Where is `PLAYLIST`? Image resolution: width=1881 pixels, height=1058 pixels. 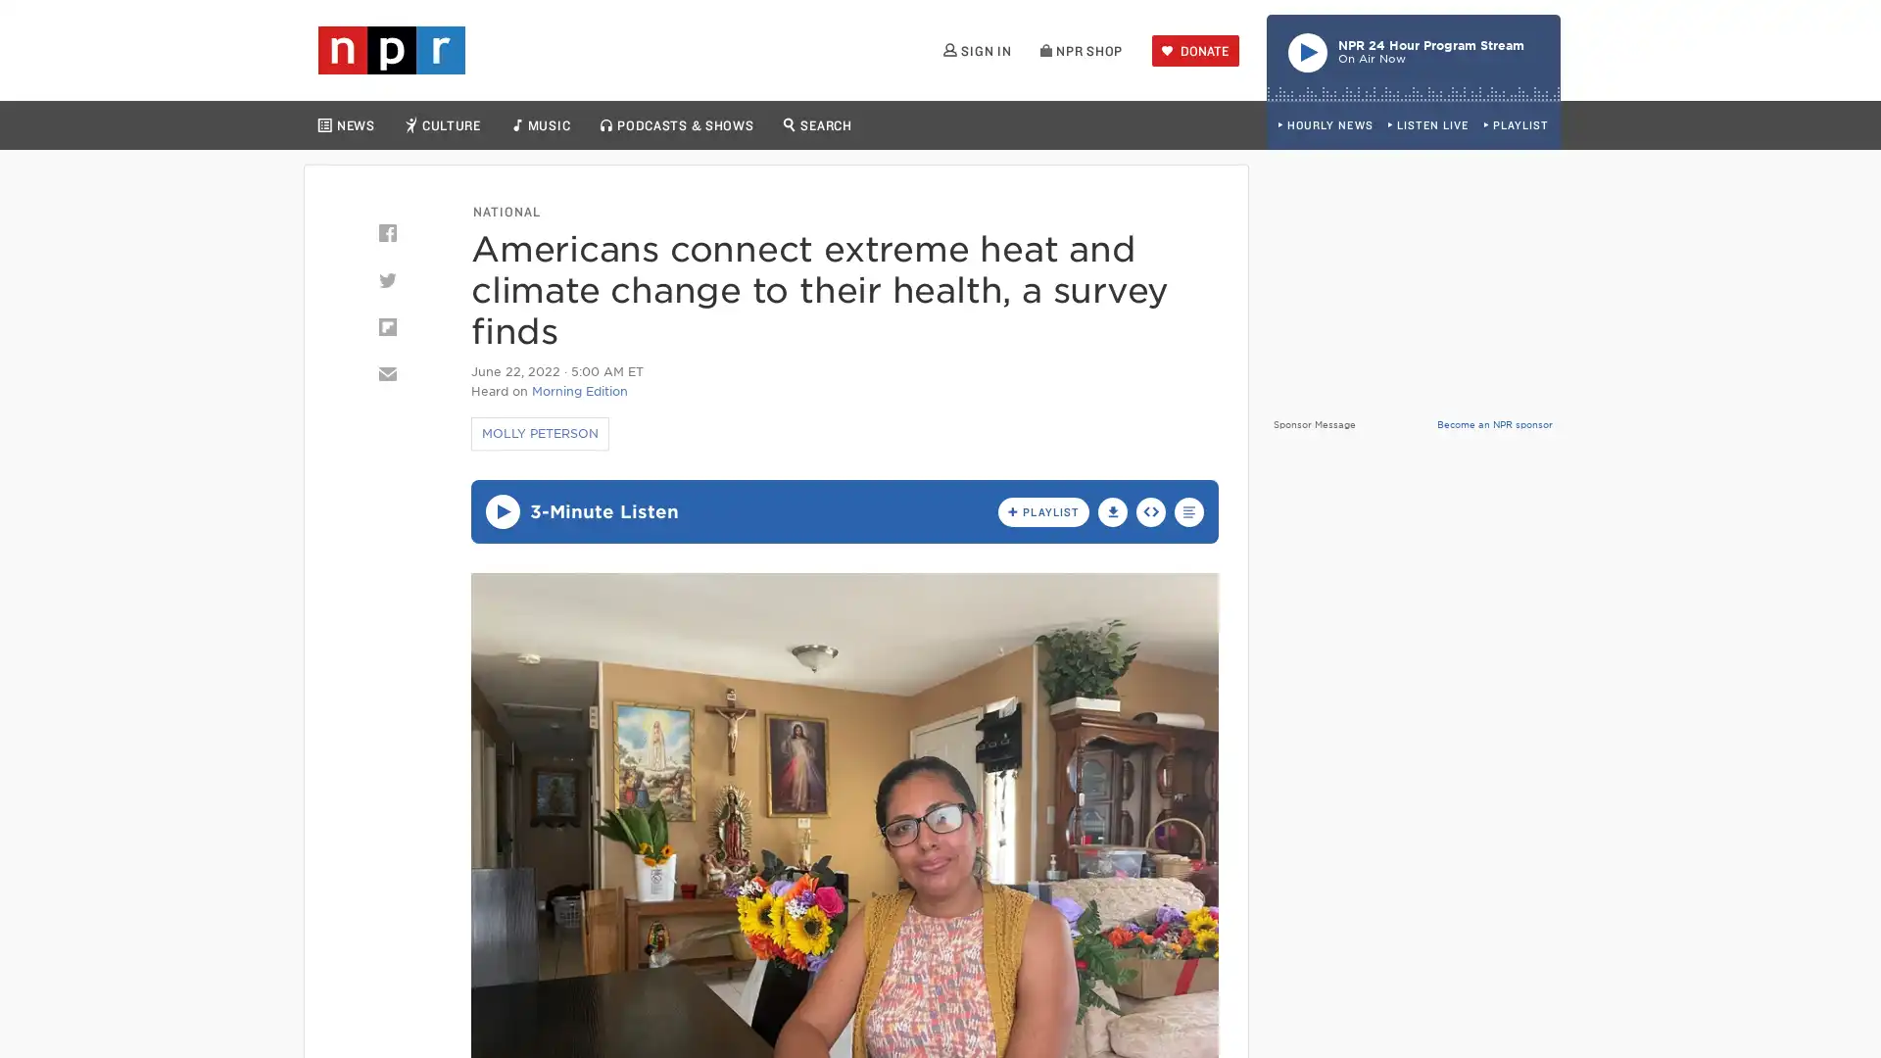
PLAYLIST is located at coordinates (1515, 125).